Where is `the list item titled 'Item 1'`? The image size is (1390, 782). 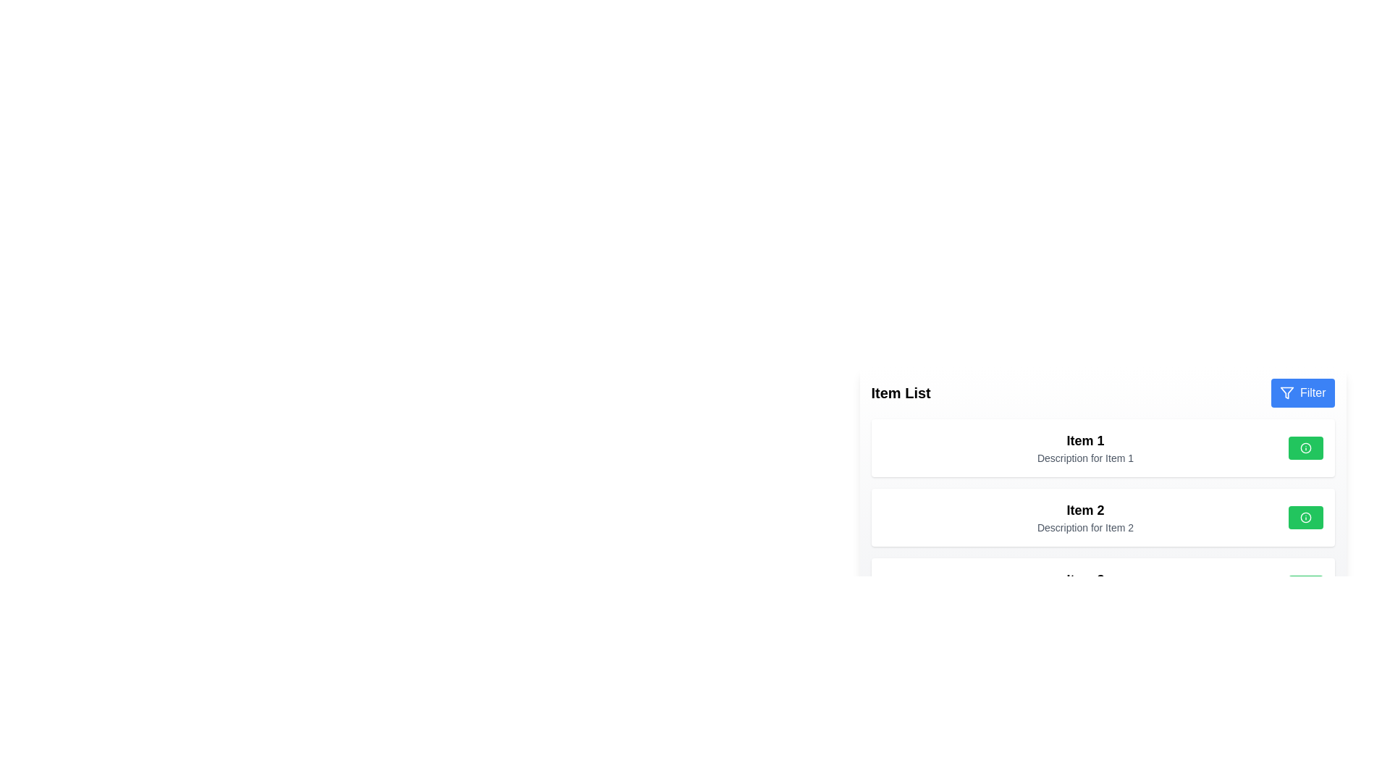 the list item titled 'Item 1' is located at coordinates (1085, 447).